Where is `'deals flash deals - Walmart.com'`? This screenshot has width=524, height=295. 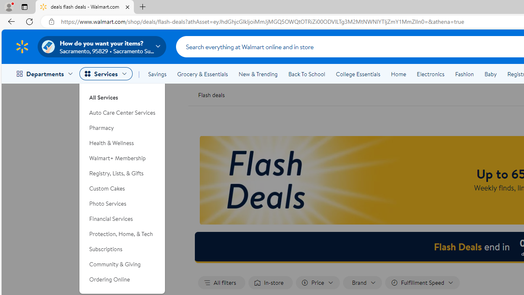 'deals flash deals - Walmart.com' is located at coordinates (85, 7).